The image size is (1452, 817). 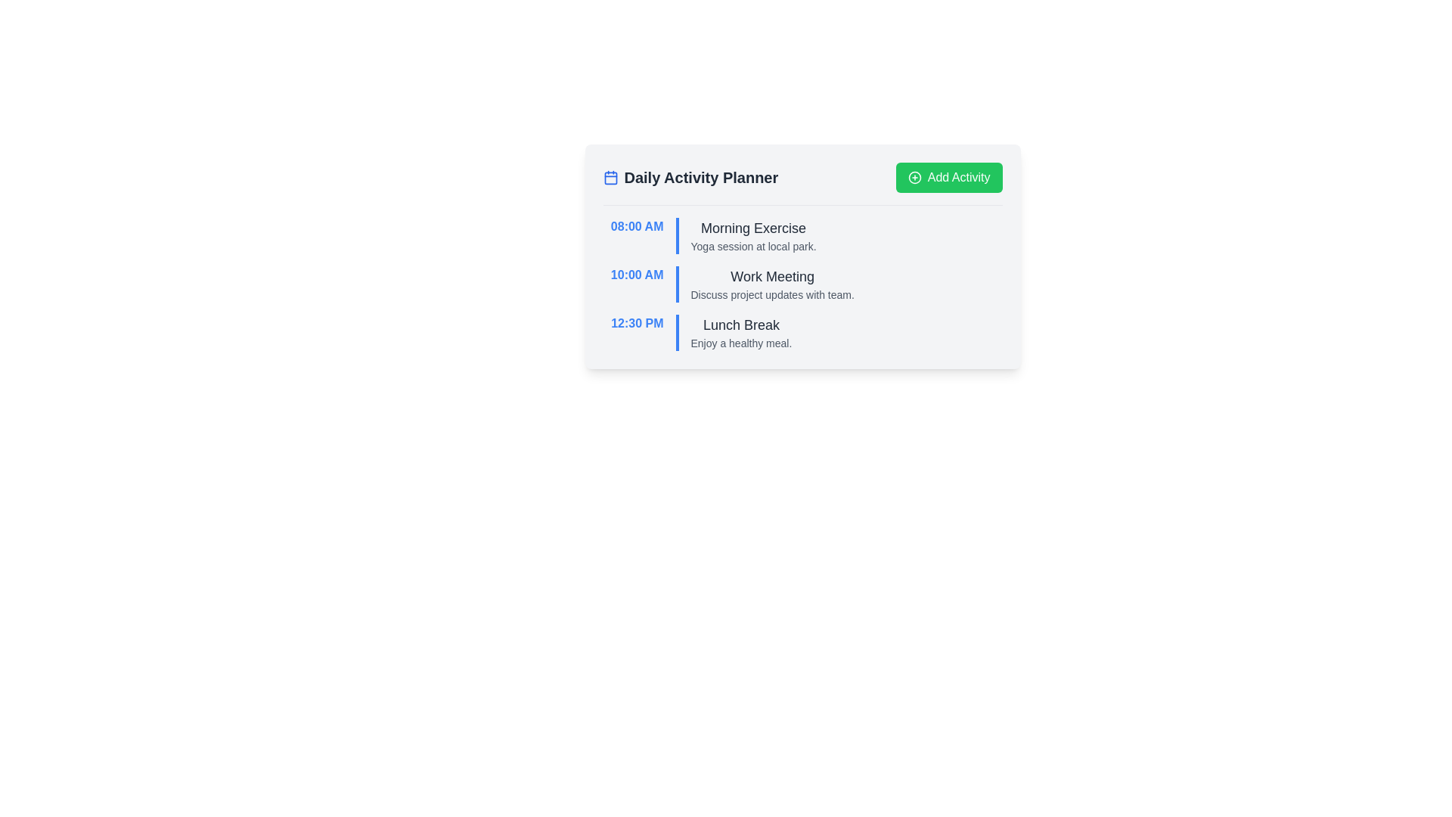 What do you see at coordinates (802, 284) in the screenshot?
I see `the individual activity header in the list-based informational component, which consists of three vertically stacked blocks of text with bold blue timestamps on the left side` at bounding box center [802, 284].